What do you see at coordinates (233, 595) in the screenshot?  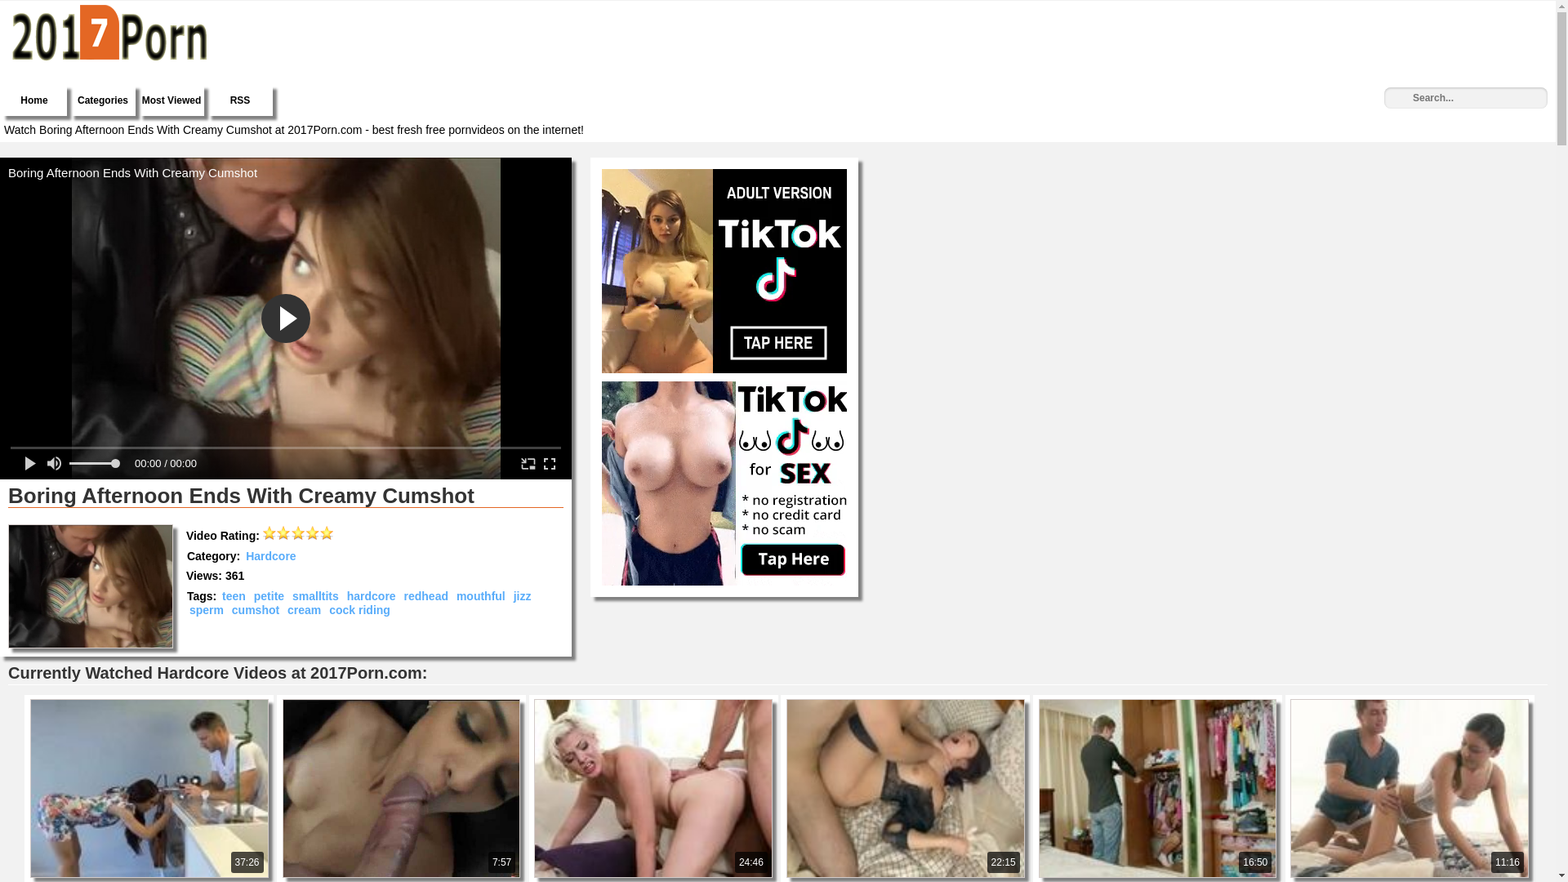 I see `'teen'` at bounding box center [233, 595].